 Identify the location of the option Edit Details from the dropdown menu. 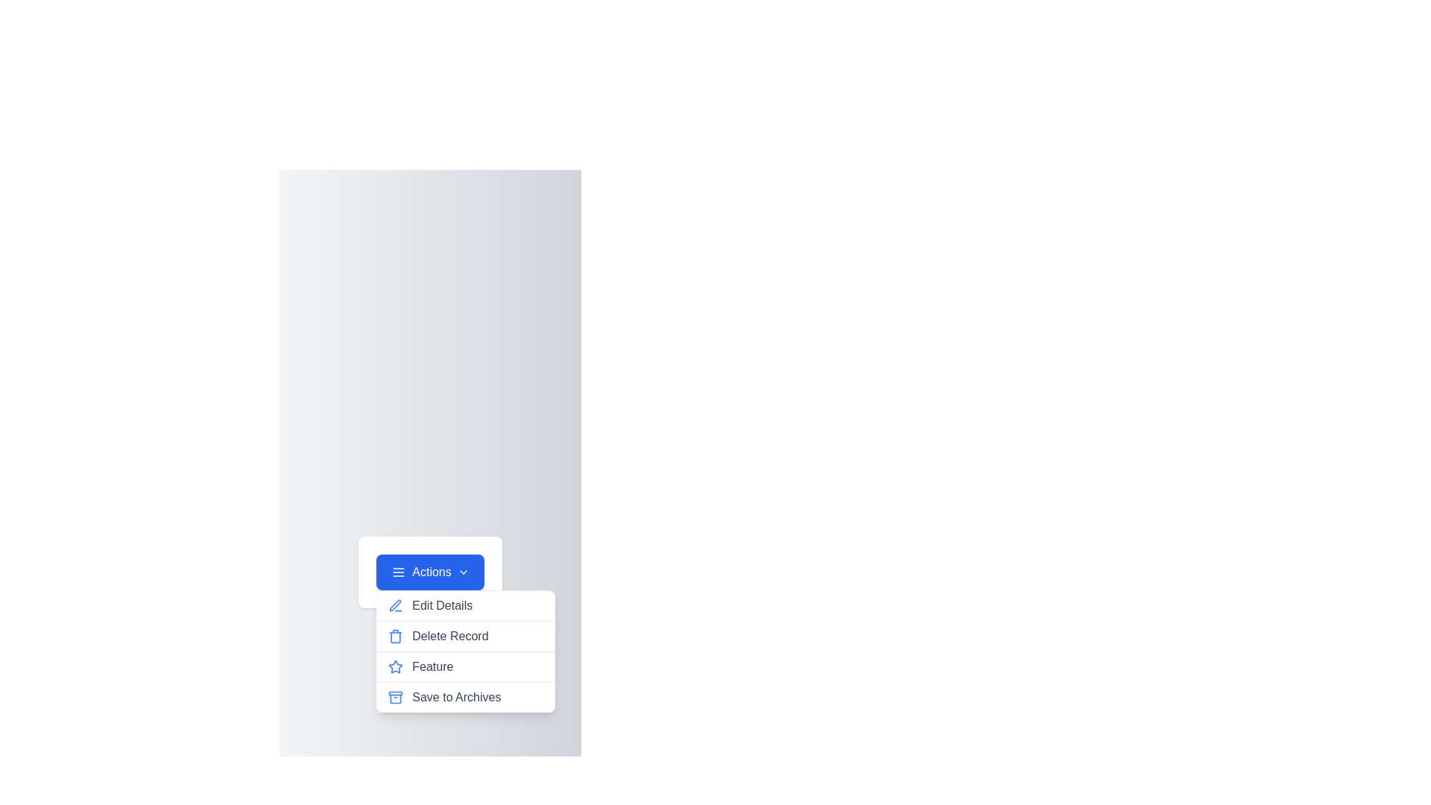
(464, 606).